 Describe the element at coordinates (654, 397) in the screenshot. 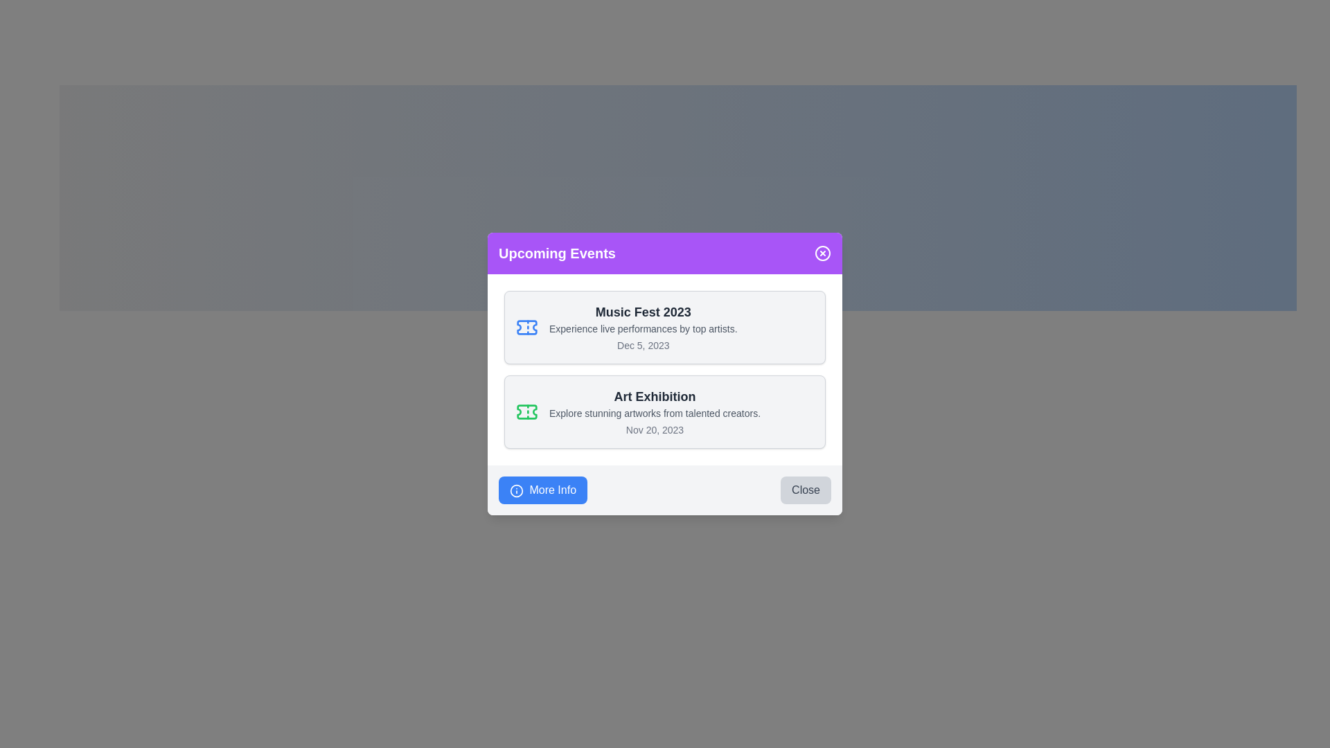

I see `text label displaying 'Art Exhibition', which is prominently styled in bold black font and positioned at the center of the modal dialog under the 'Upcoming Events' header` at that location.